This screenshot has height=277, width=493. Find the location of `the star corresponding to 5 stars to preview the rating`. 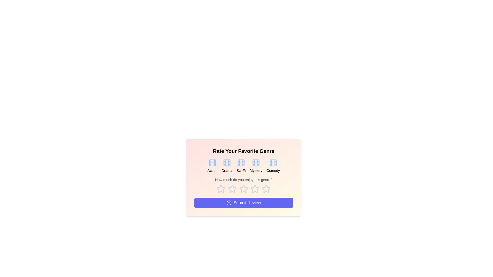

the star corresponding to 5 stars to preview the rating is located at coordinates (266, 189).